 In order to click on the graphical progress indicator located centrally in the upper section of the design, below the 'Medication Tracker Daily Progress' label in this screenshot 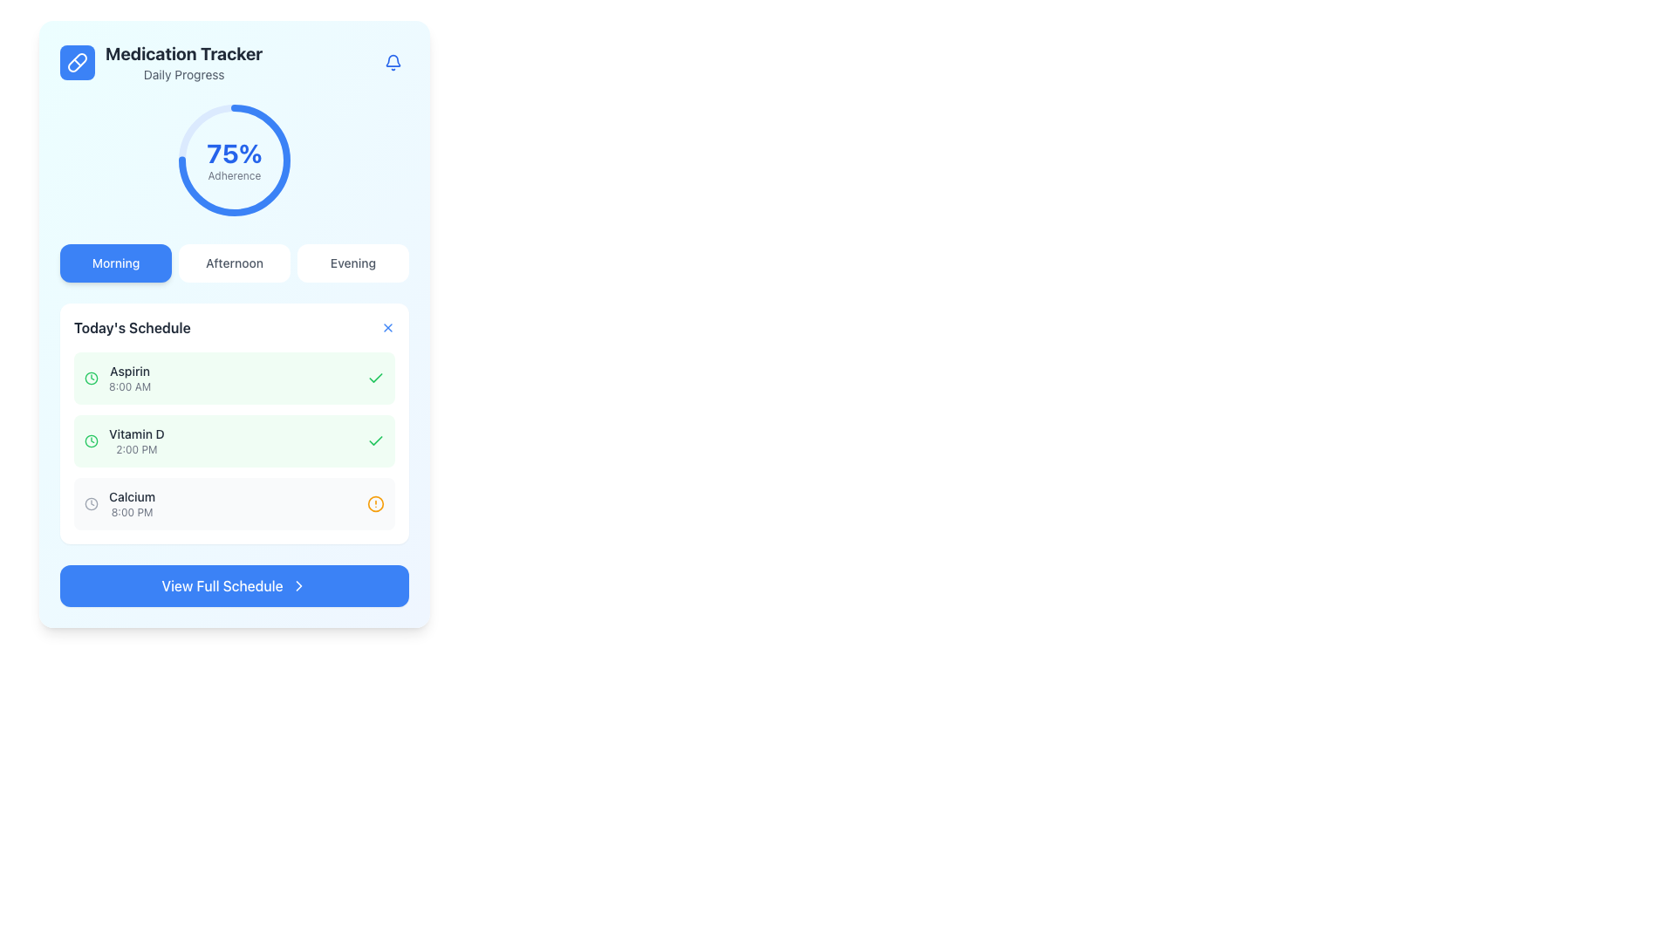, I will do `click(233, 160)`.